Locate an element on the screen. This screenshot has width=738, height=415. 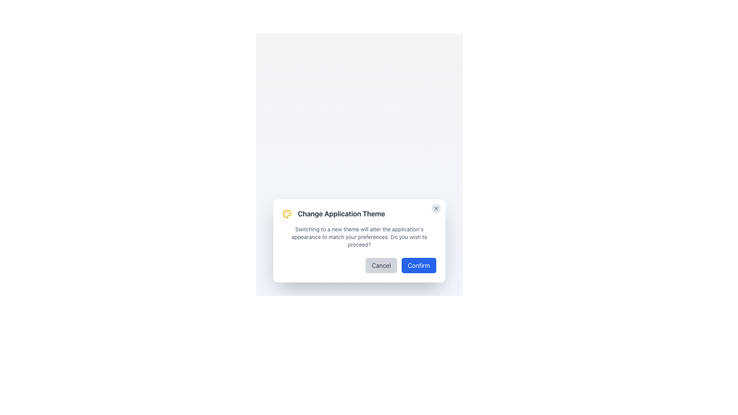
the 'Cancel' button in the button group located at the bottom of the 'Change Application Theme' modal to abort the operation is located at coordinates (359, 265).